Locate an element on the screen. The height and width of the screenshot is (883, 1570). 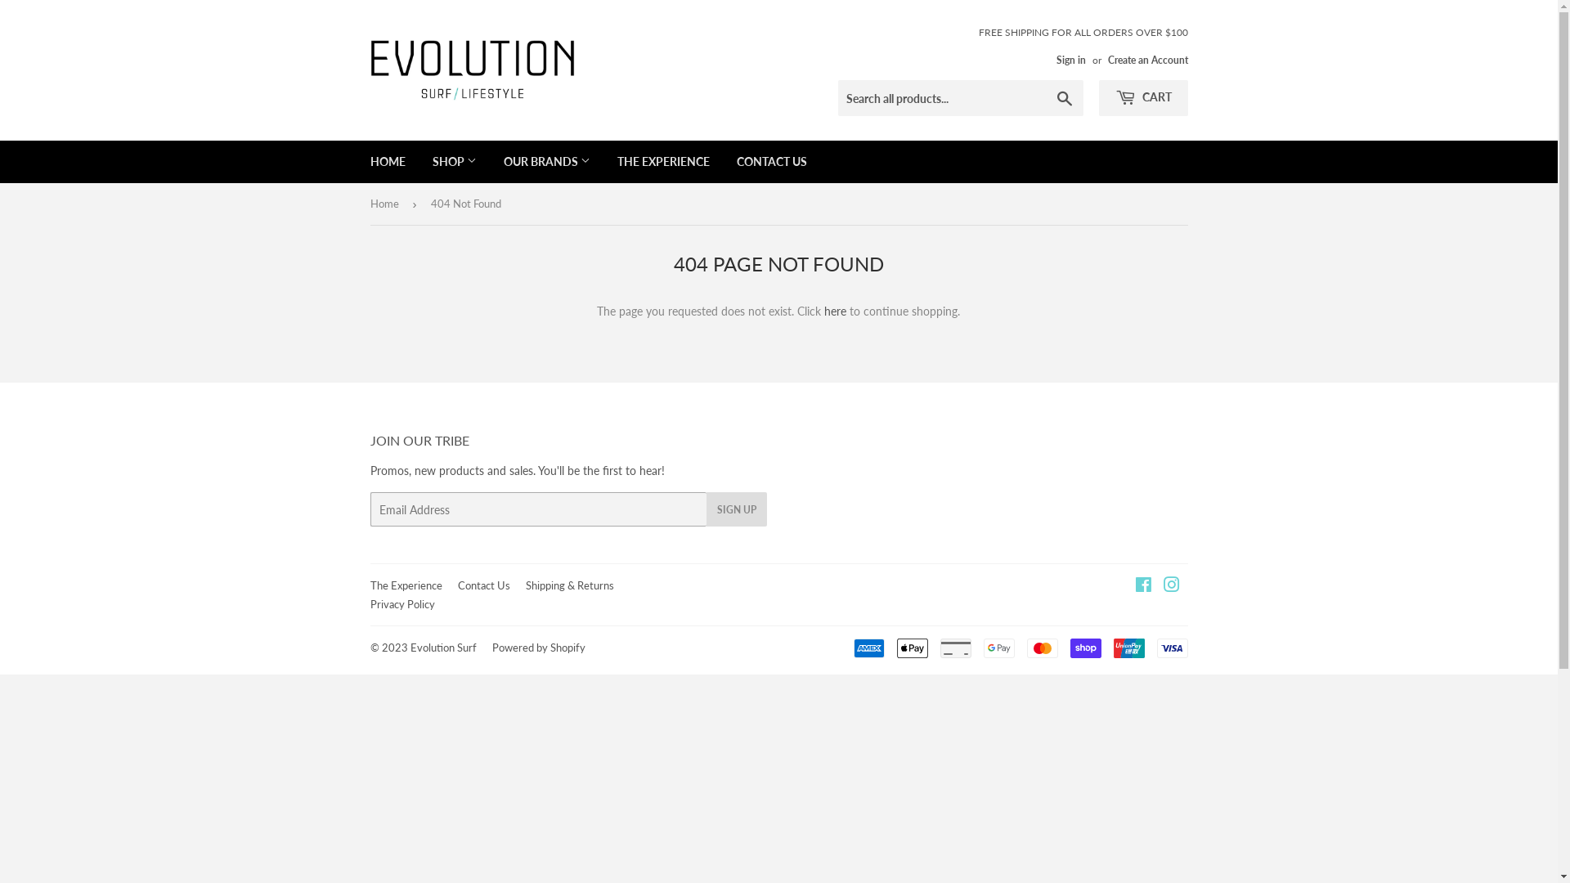
'Evolution Surf' is located at coordinates (443, 646).